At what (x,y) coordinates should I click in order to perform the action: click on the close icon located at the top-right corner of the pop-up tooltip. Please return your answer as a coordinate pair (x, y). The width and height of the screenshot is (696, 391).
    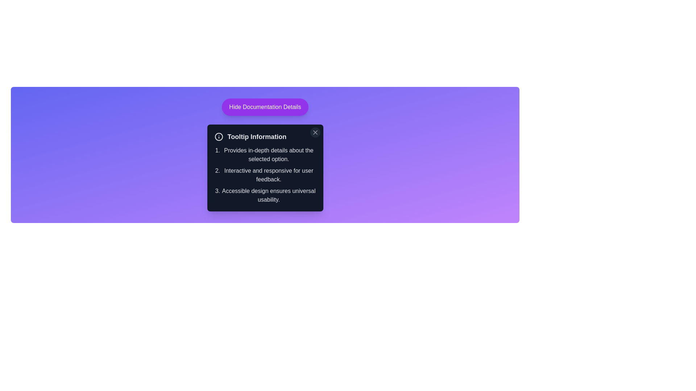
    Looking at the image, I should click on (315, 133).